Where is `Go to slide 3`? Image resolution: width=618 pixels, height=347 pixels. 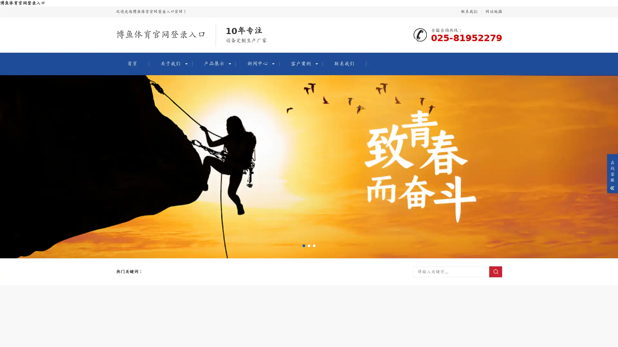 Go to slide 3 is located at coordinates (314, 245).